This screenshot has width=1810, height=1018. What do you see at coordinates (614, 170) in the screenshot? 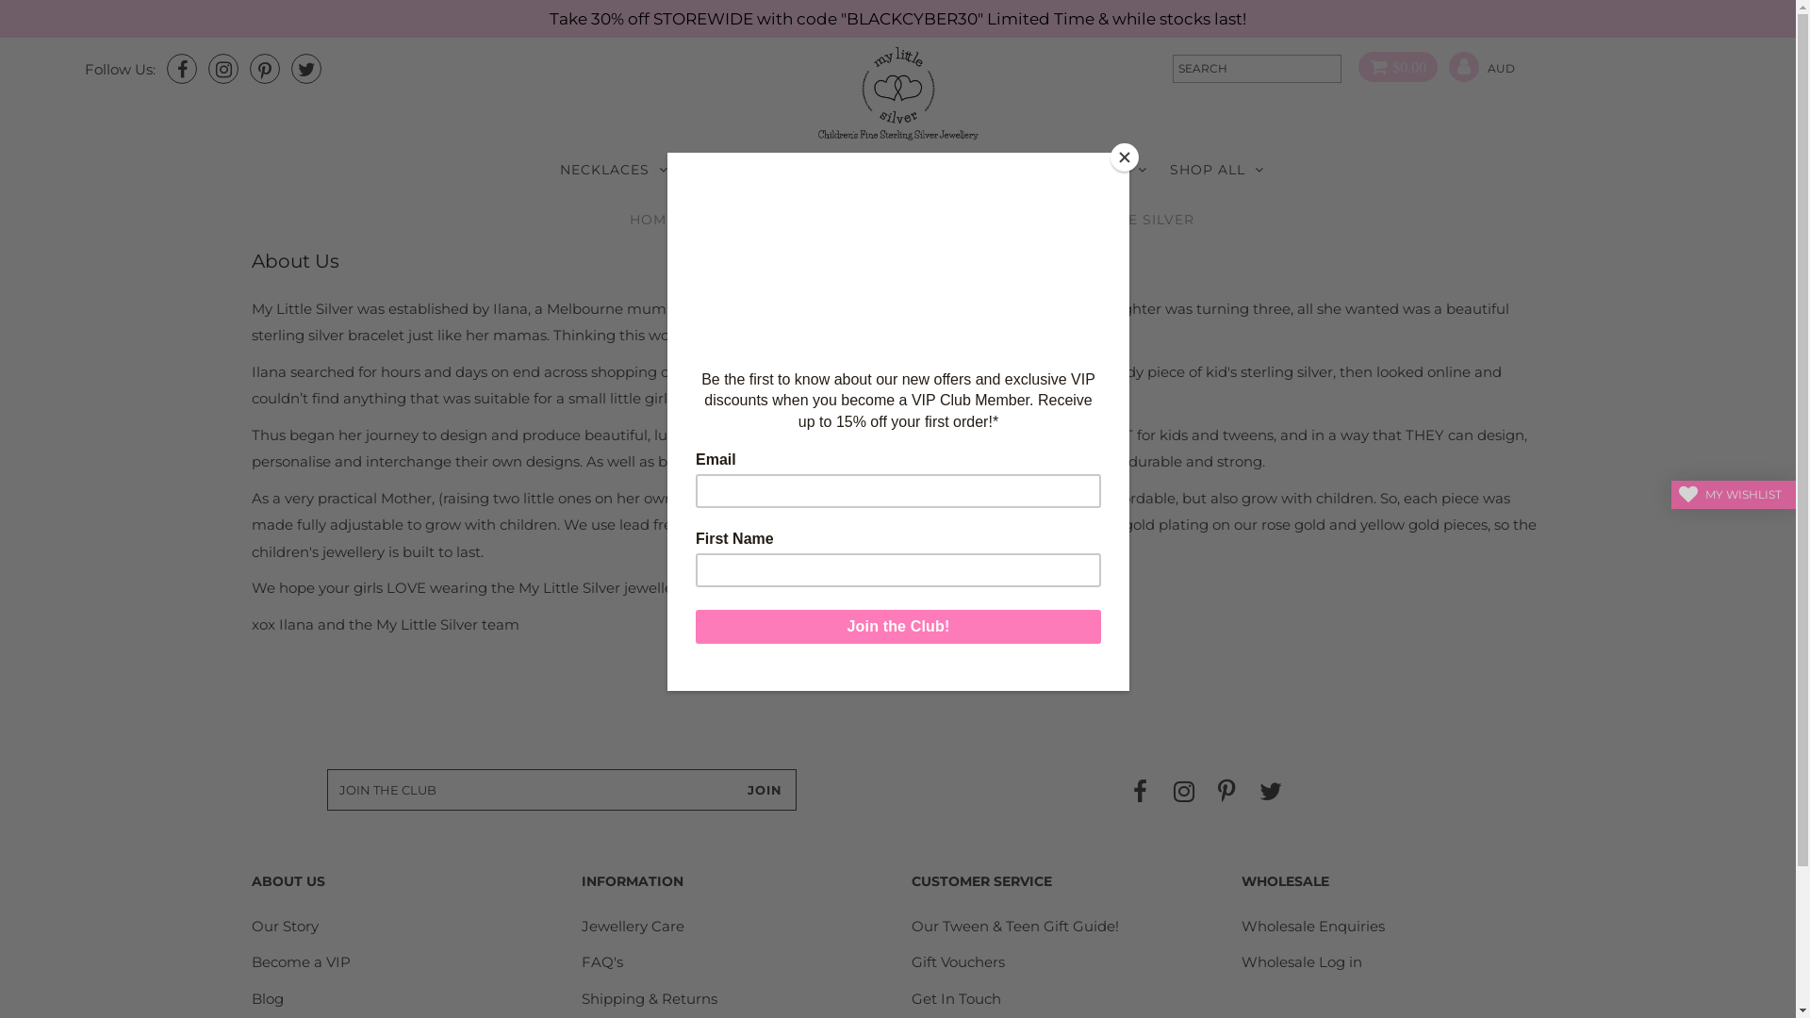
I see `'NECKLACES'` at bounding box center [614, 170].